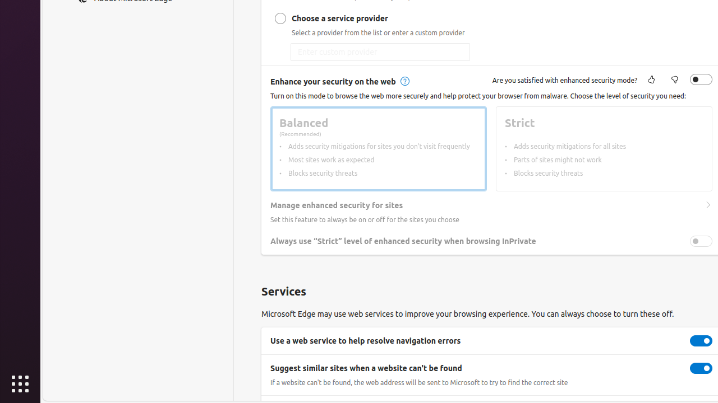 The width and height of the screenshot is (718, 403). I want to click on 'Always use “Strict” level of enhanced security when browsing InPrivate', so click(701, 240).